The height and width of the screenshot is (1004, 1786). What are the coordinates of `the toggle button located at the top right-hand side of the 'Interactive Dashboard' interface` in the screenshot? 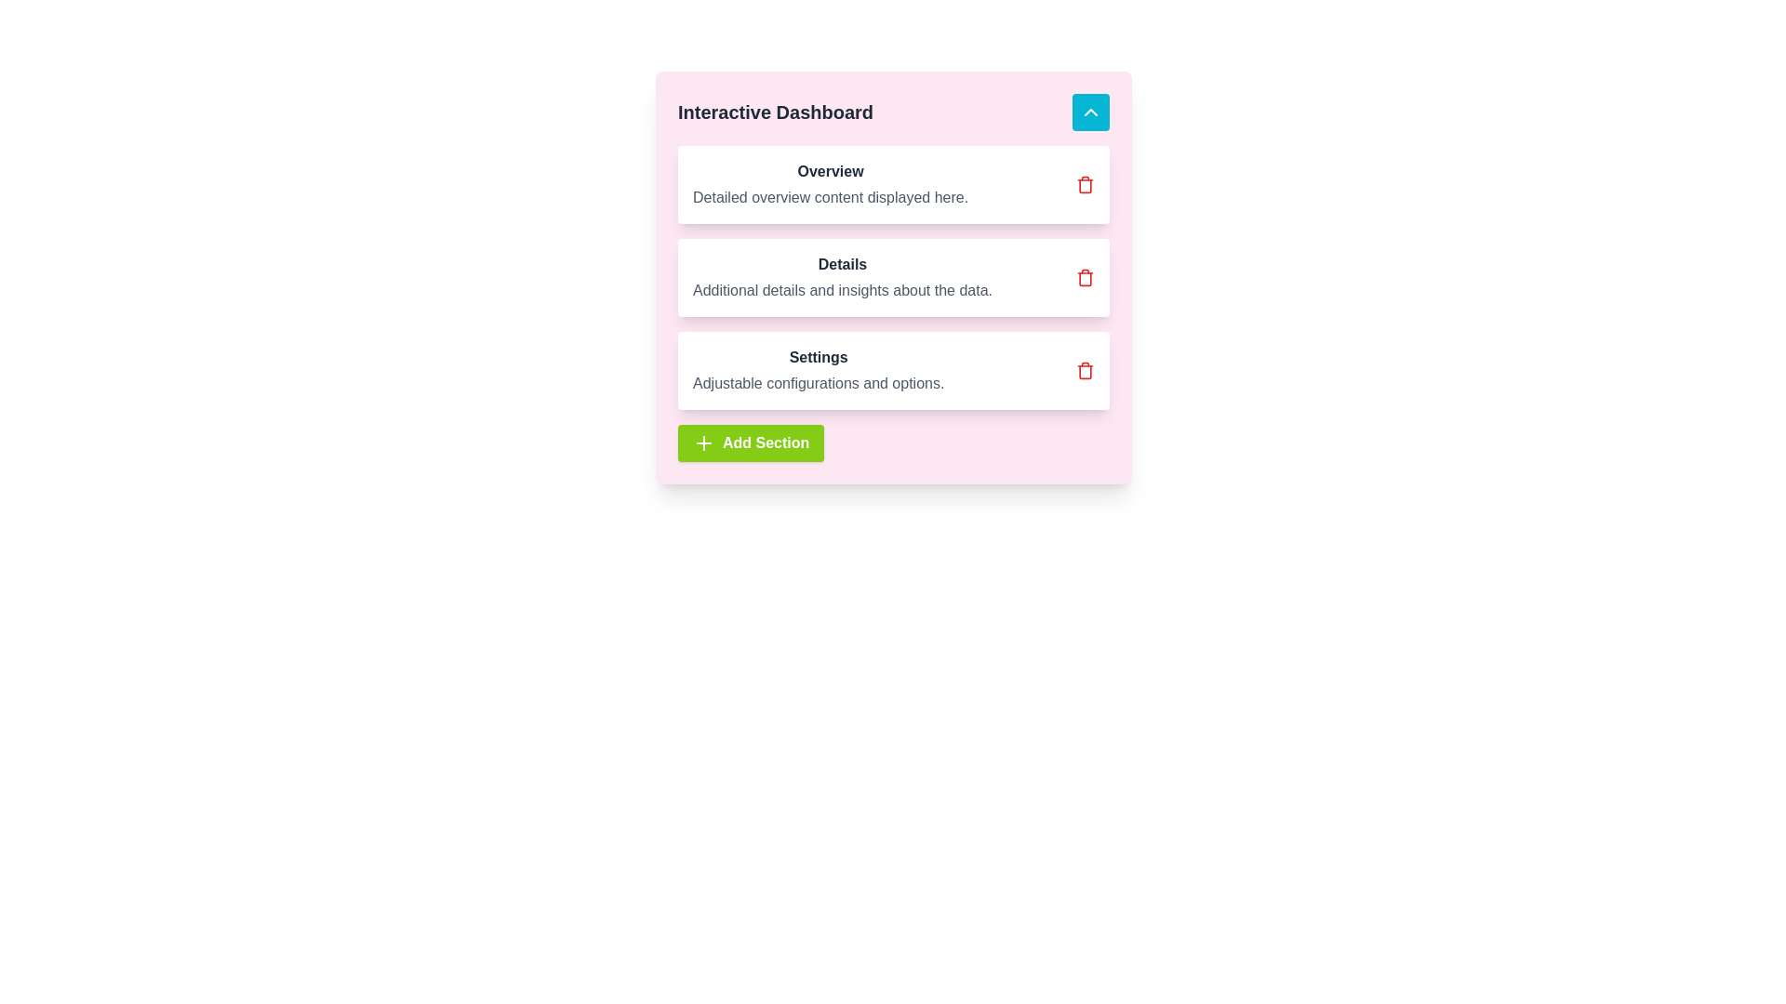 It's located at (1090, 112).